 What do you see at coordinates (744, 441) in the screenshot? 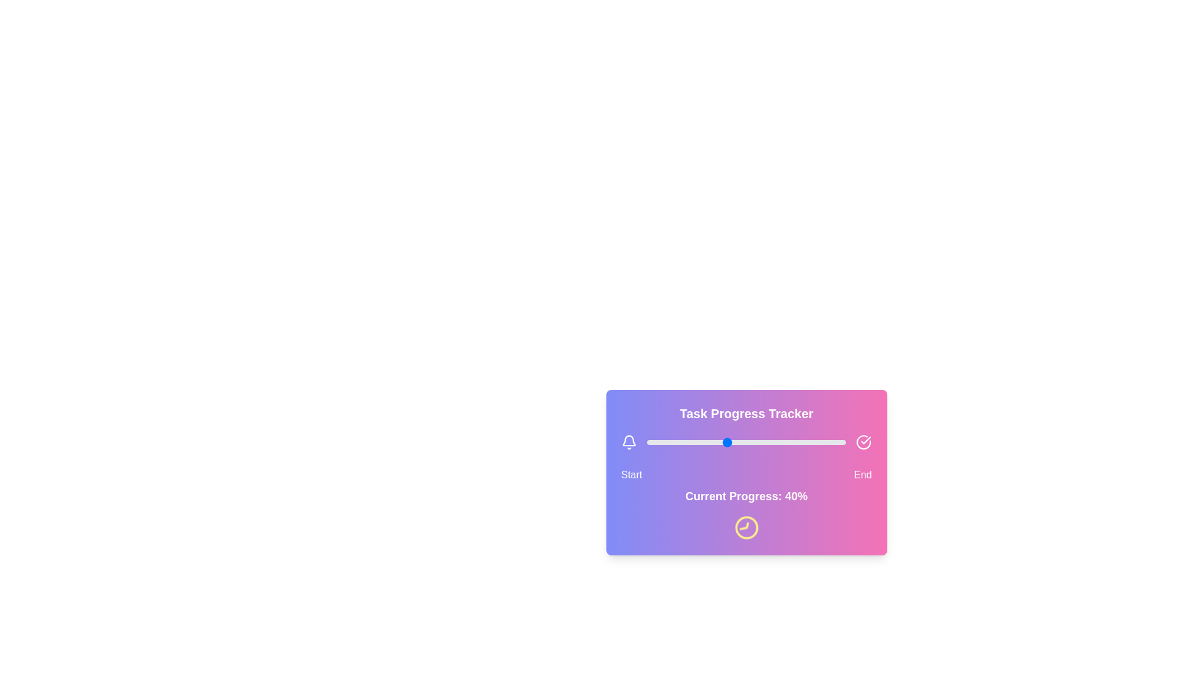
I see `the progress slider to 49%` at bounding box center [744, 441].